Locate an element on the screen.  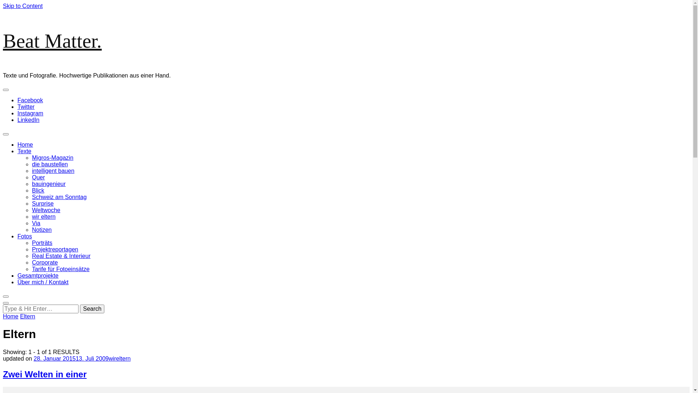
'Surprise' is located at coordinates (43, 203).